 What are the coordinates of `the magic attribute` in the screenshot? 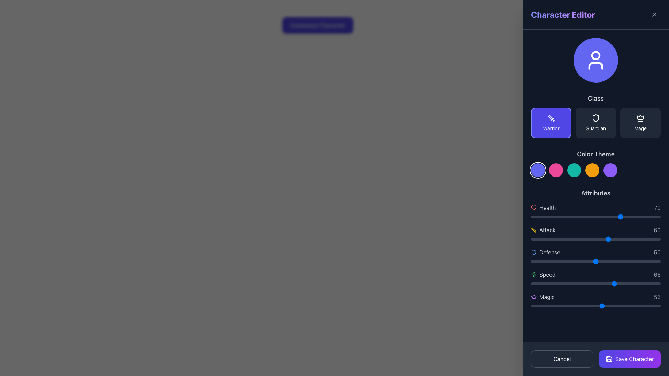 It's located at (635, 306).